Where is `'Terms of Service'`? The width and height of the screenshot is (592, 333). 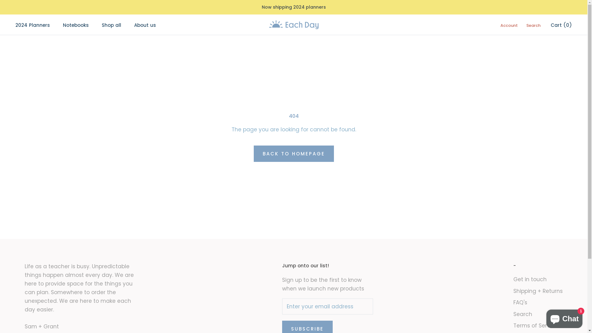 'Terms of Service' is located at coordinates (538, 325).